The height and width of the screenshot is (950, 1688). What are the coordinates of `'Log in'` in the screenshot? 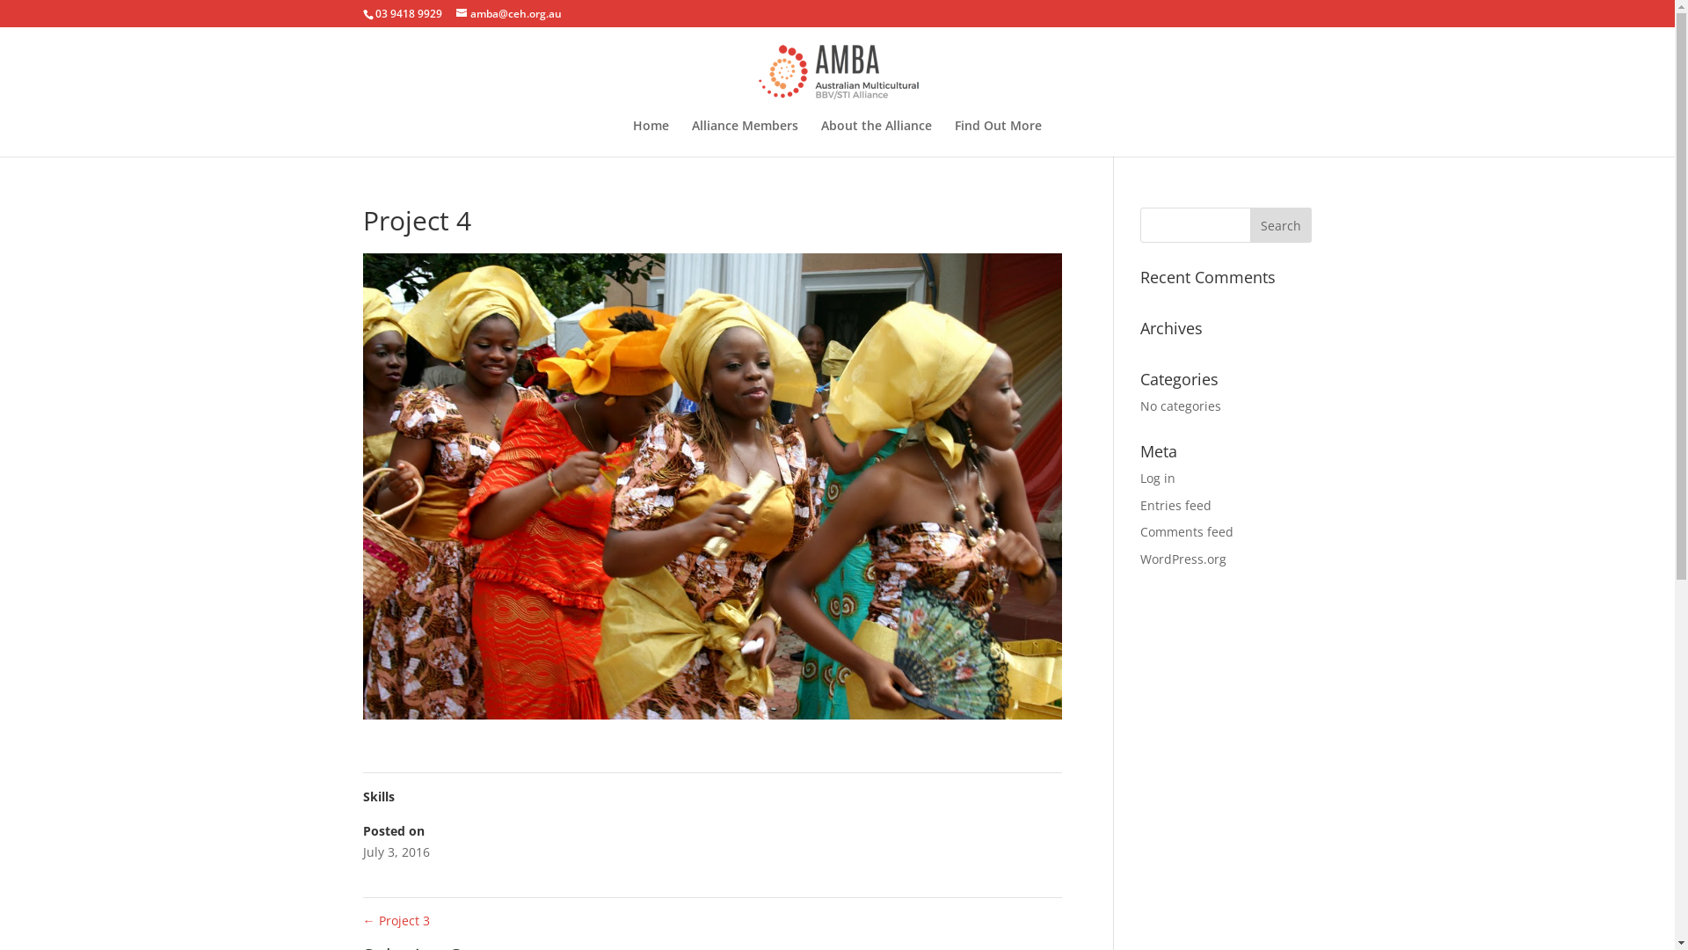 It's located at (1157, 478).